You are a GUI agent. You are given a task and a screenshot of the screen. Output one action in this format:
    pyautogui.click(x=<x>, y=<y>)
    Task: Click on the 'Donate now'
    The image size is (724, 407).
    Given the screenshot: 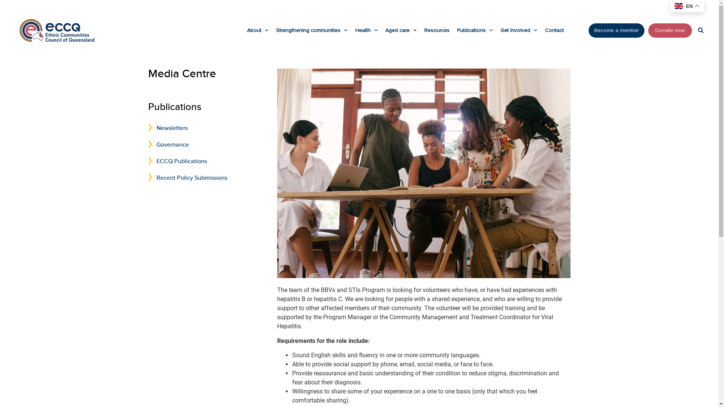 What is the action you would take?
    pyautogui.click(x=647, y=30)
    